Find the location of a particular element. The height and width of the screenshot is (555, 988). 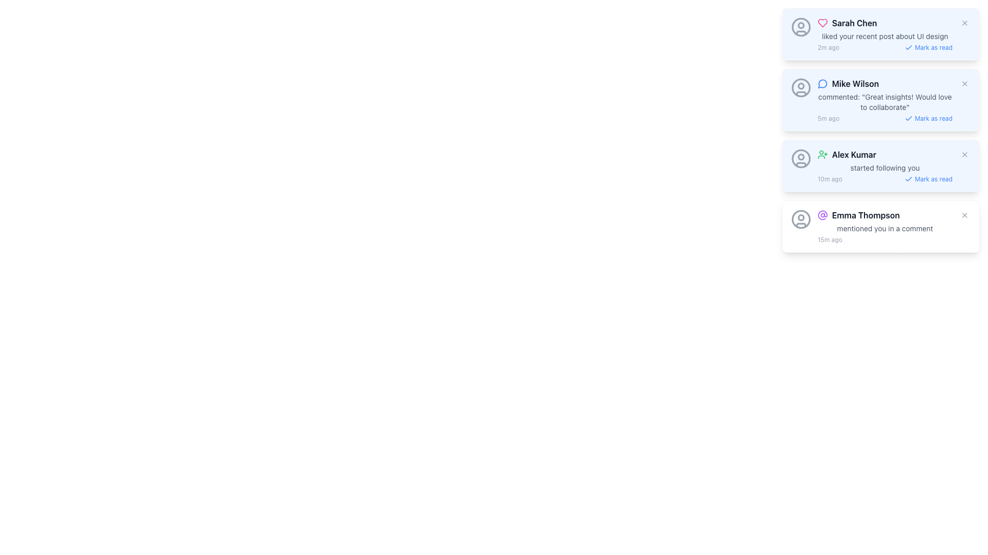

the purple '@' icon adjacent to 'Emma Thompson' is located at coordinates (822, 215).